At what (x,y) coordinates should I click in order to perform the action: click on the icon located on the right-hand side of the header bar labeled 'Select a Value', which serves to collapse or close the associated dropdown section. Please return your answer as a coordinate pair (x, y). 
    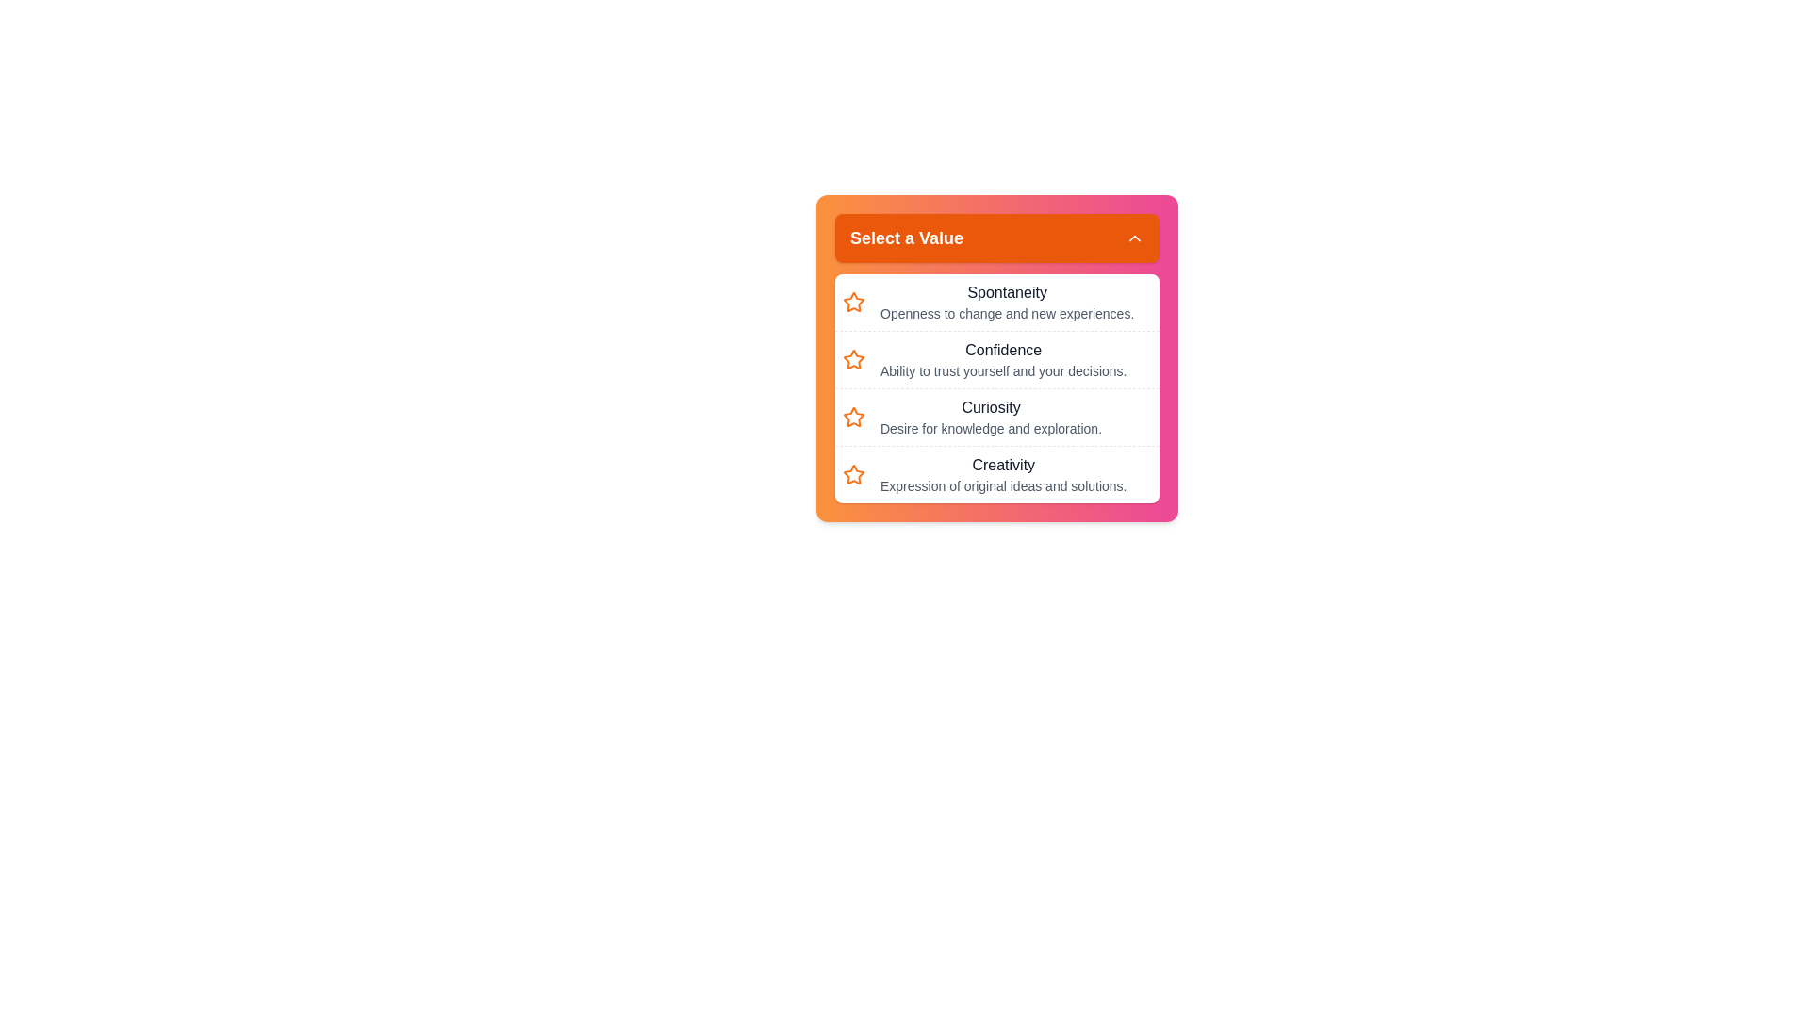
    Looking at the image, I should click on (1134, 238).